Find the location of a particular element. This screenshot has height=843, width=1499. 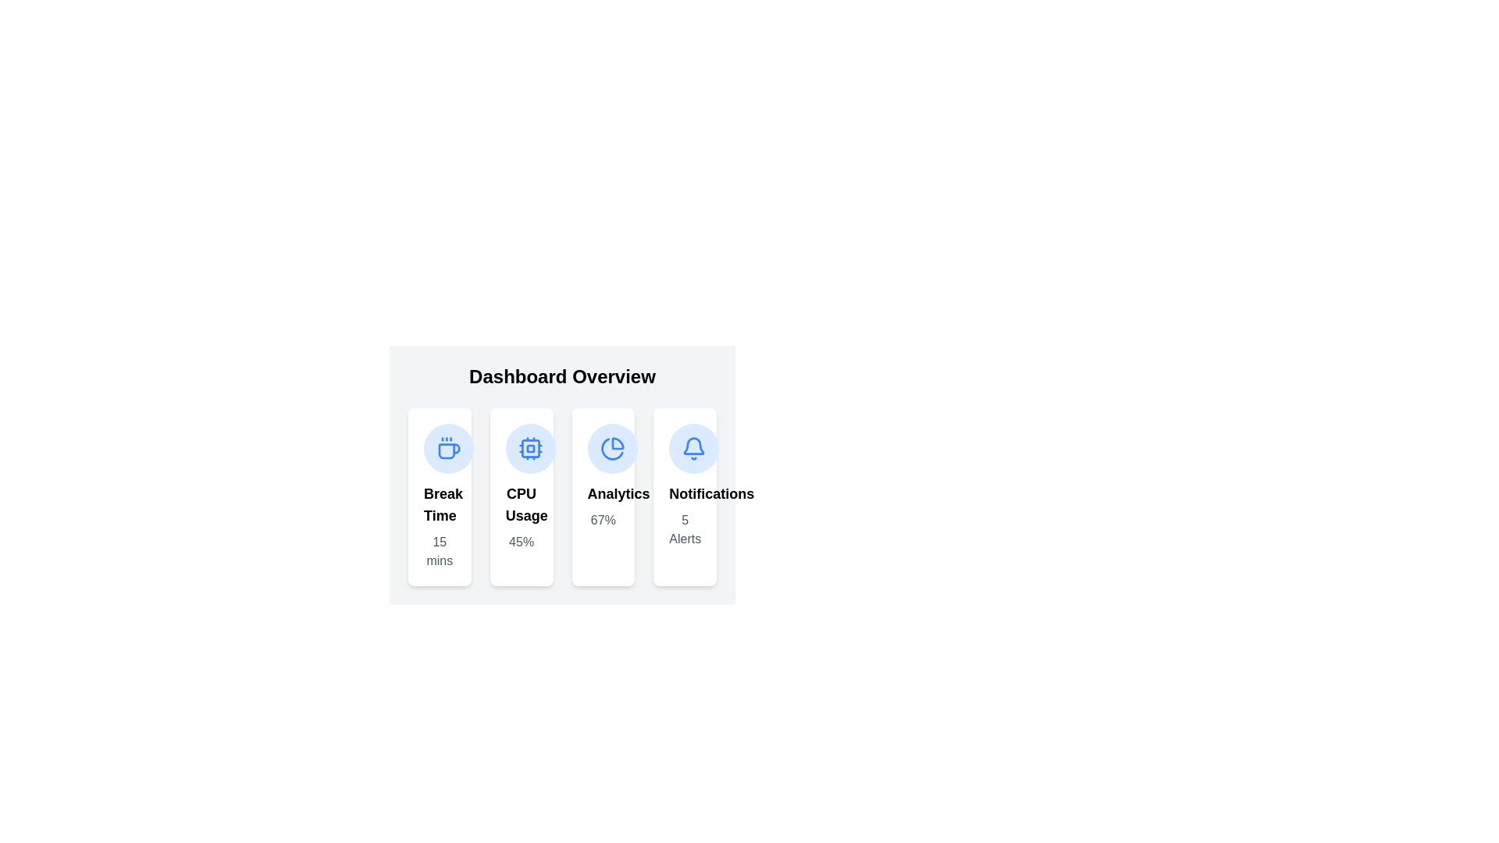

the 'Analytics' informational card, which features a circular blue icon at the top and displays 'Analytics' in bold black text is located at coordinates (602, 496).